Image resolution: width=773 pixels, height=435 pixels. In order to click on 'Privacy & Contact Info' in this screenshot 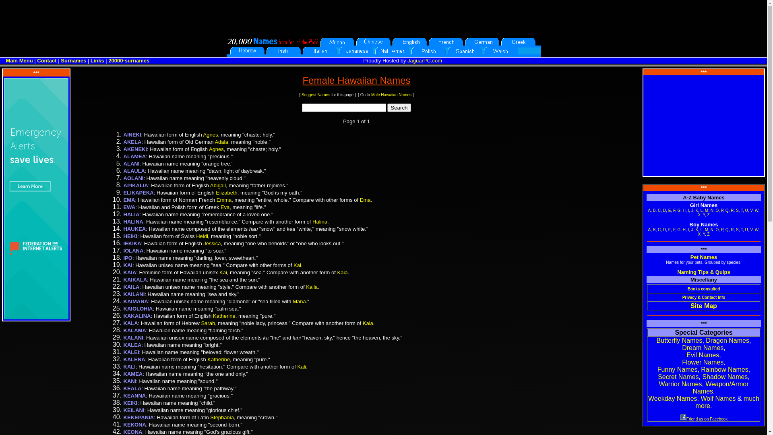, I will do `click(682, 297)`.